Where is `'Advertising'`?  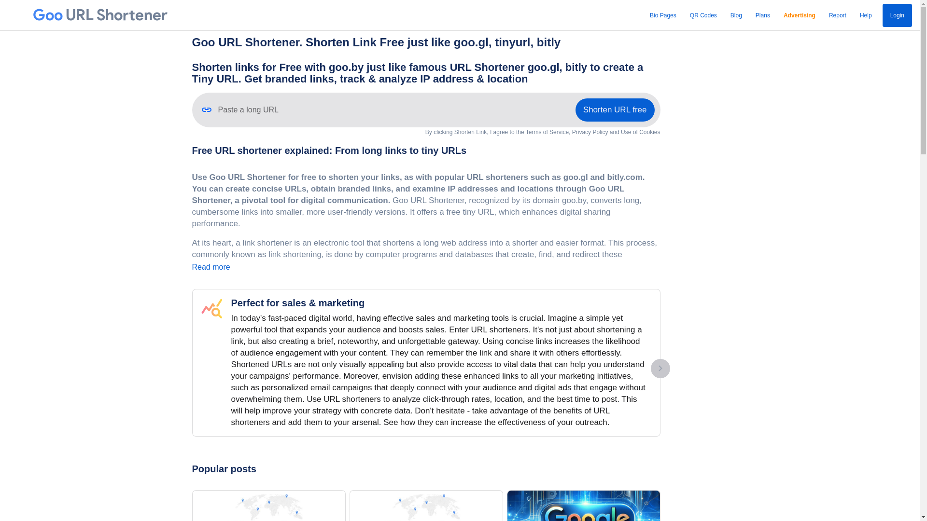 'Advertising' is located at coordinates (800, 15).